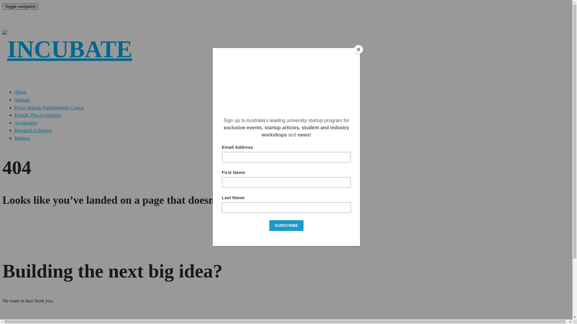  I want to click on 'Startups', so click(22, 99).